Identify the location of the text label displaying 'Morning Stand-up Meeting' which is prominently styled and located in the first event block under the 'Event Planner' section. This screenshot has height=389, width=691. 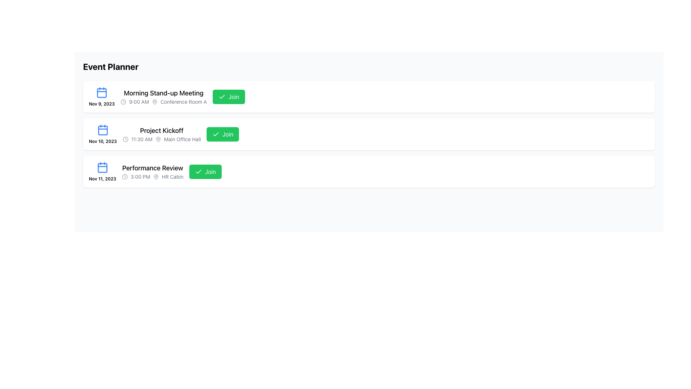
(163, 93).